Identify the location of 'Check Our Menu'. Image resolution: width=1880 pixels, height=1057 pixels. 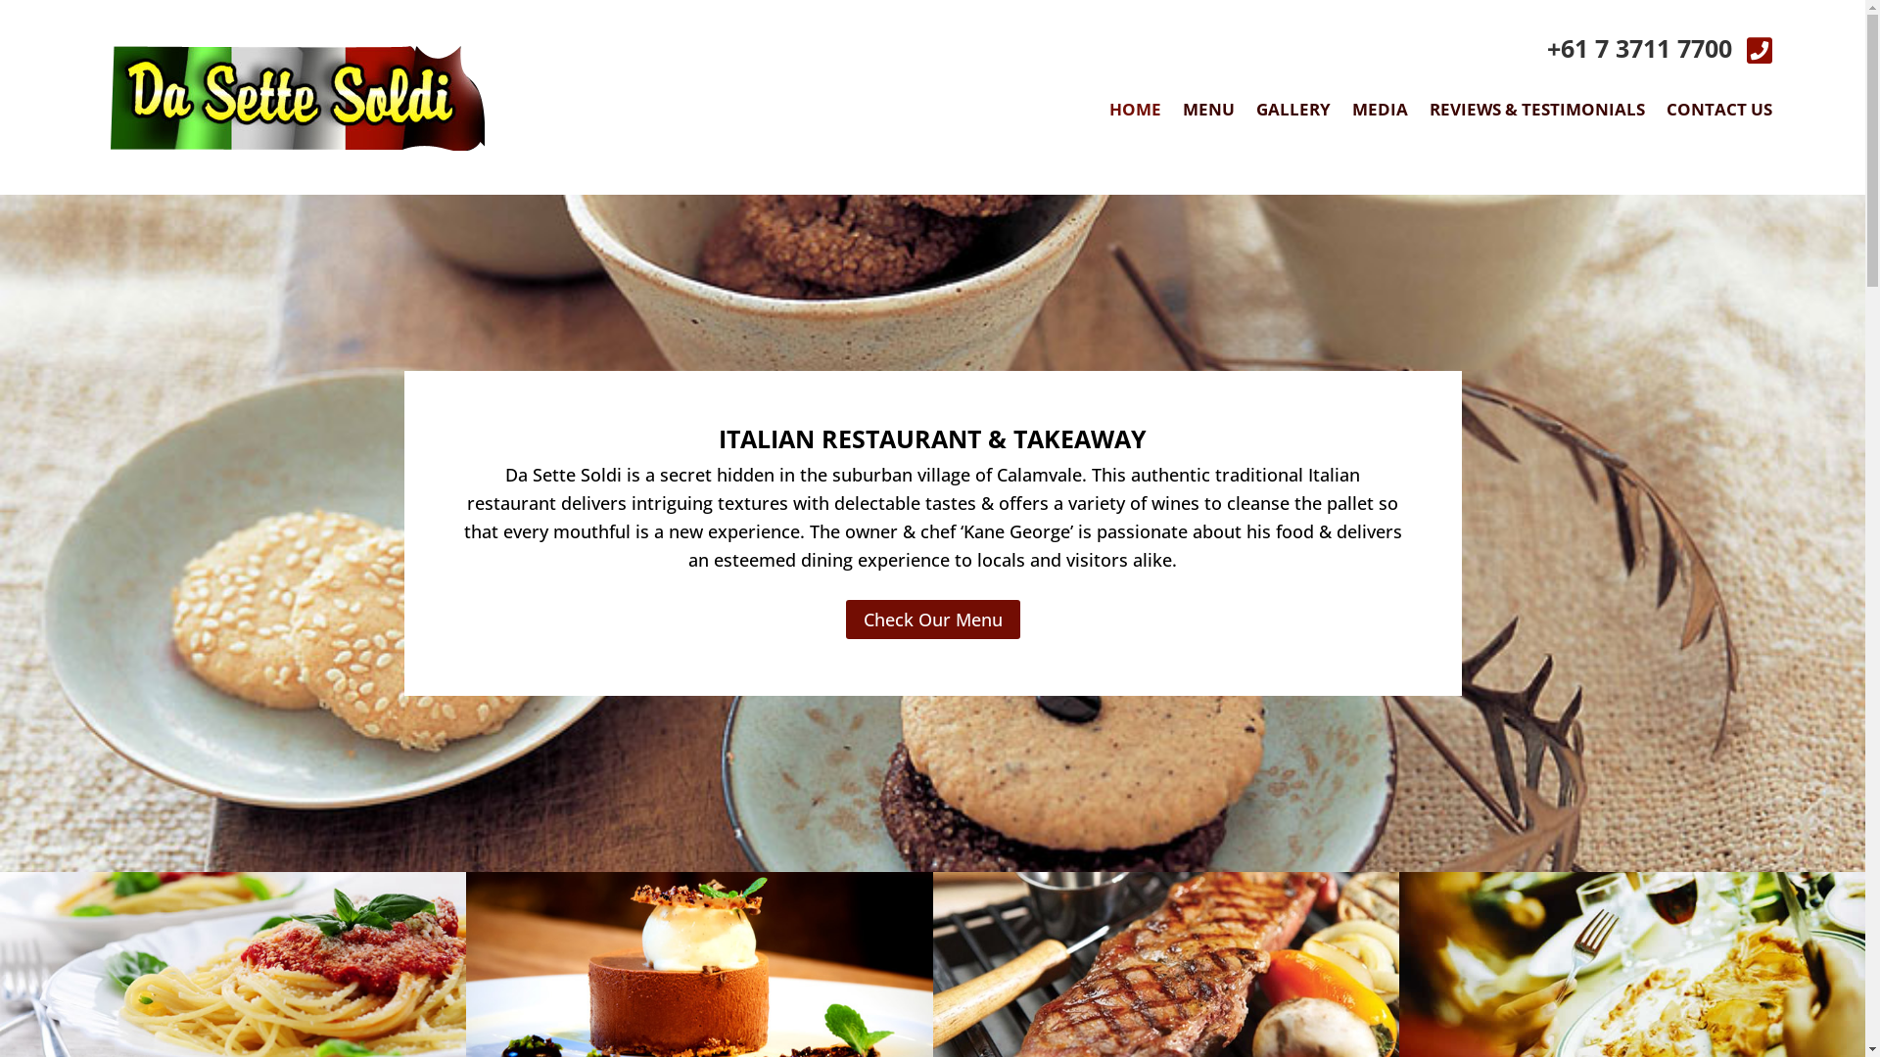
(932, 620).